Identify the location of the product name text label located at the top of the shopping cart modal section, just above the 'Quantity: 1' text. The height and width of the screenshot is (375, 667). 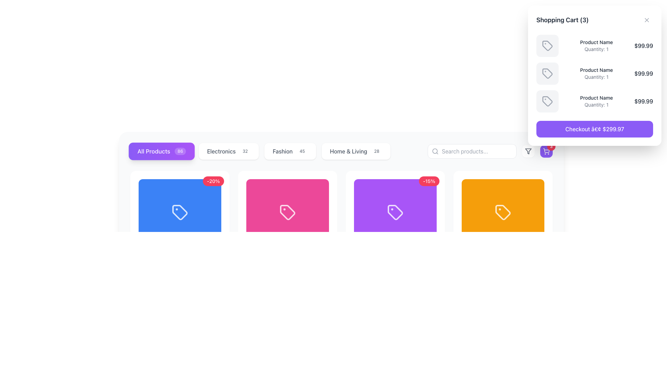
(596, 42).